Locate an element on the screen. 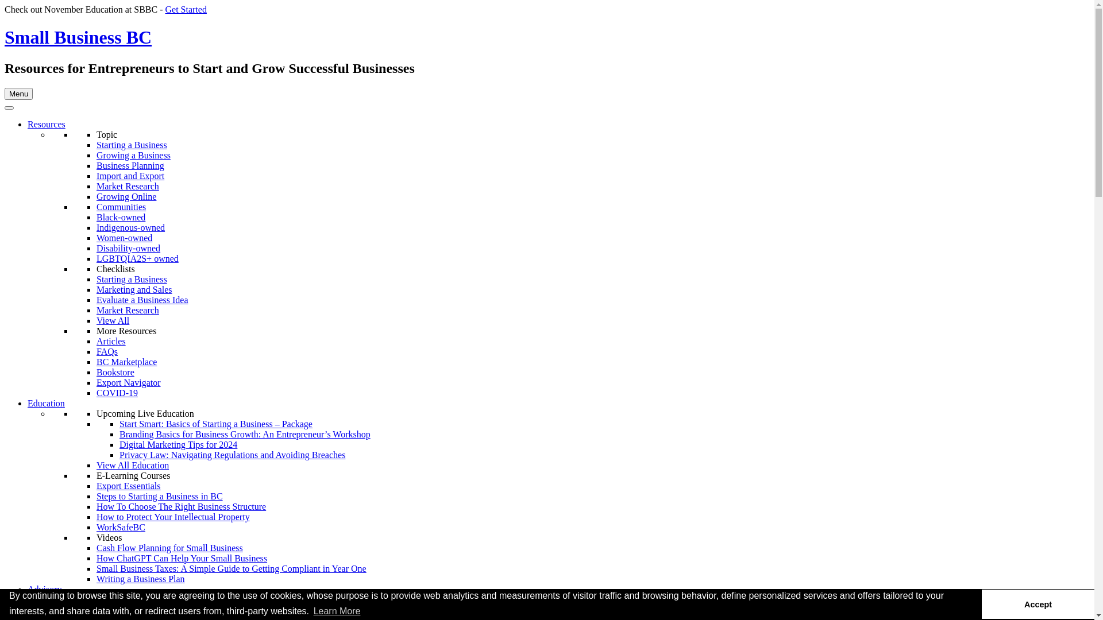 This screenshot has height=620, width=1103. 'Bookstore' is located at coordinates (115, 372).